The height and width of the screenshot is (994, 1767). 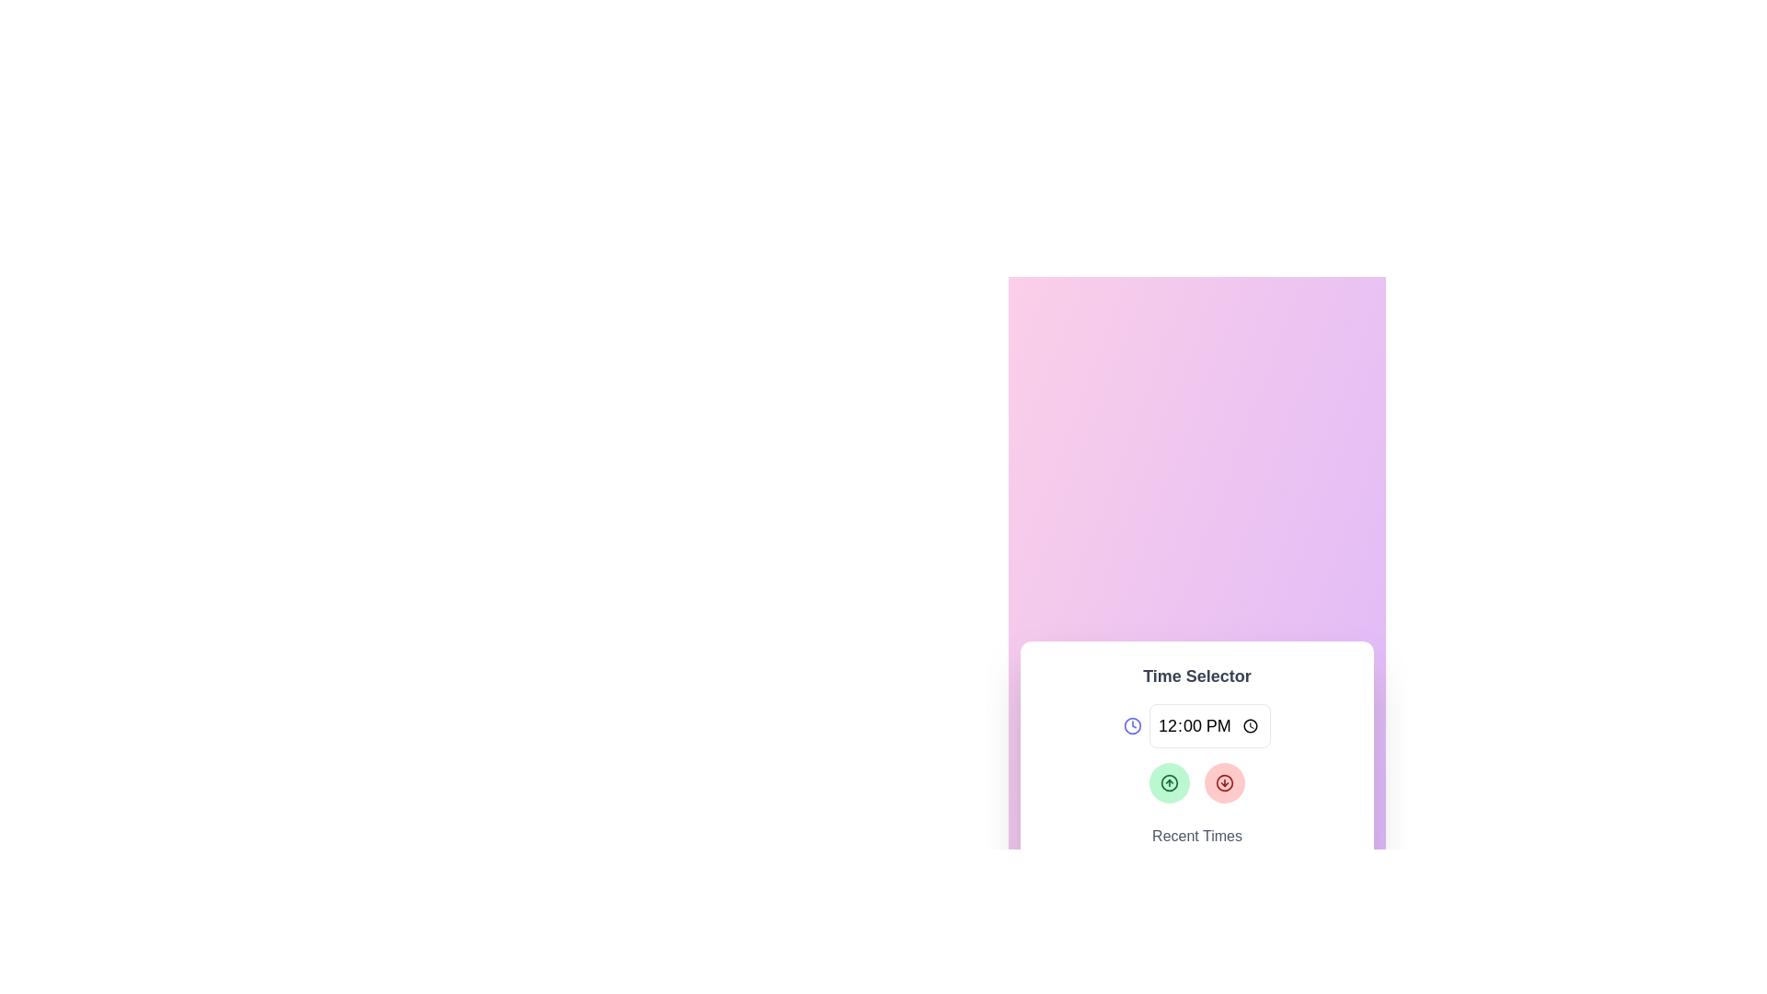 I want to click on the circular red button with a downward-pointing arrow icon to decrement the value, so click(x=1224, y=783).